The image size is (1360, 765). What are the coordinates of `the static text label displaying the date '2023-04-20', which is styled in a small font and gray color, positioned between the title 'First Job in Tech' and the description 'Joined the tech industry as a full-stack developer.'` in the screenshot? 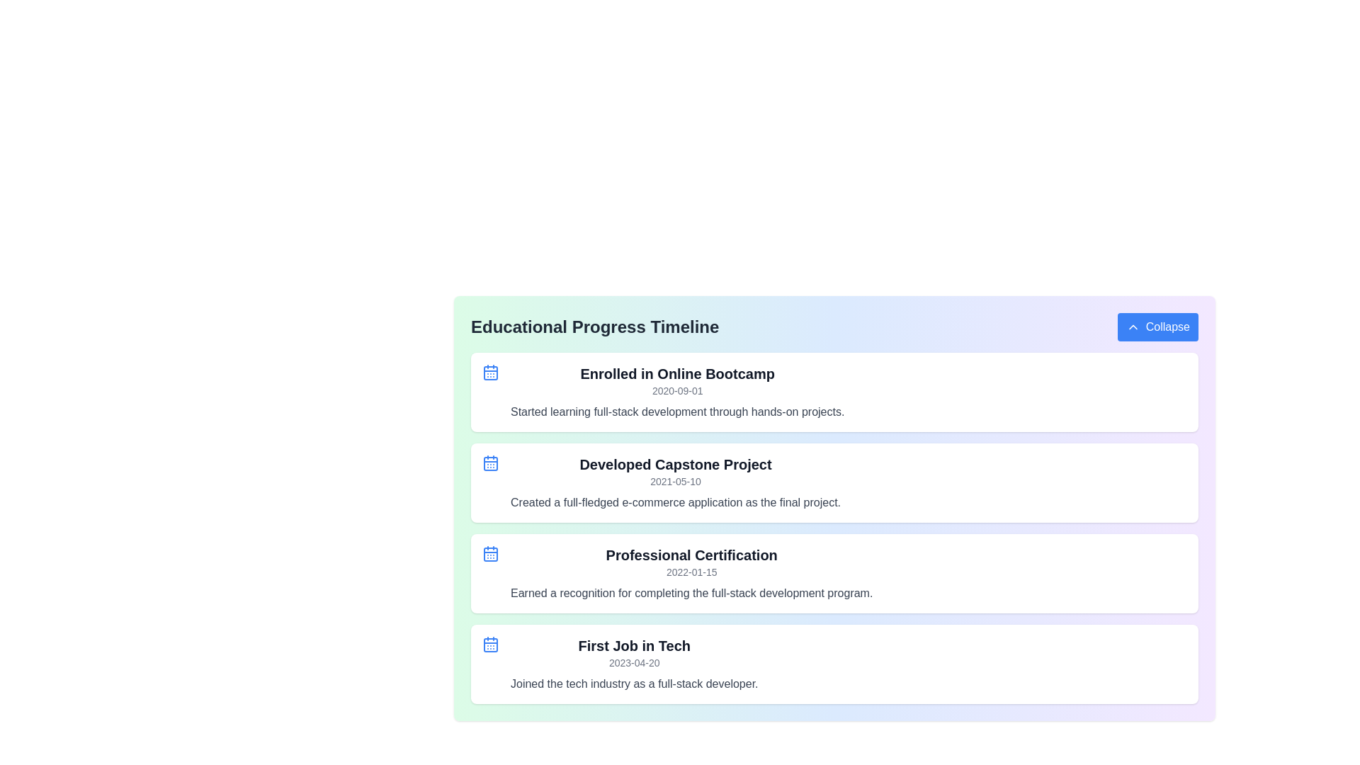 It's located at (633, 663).